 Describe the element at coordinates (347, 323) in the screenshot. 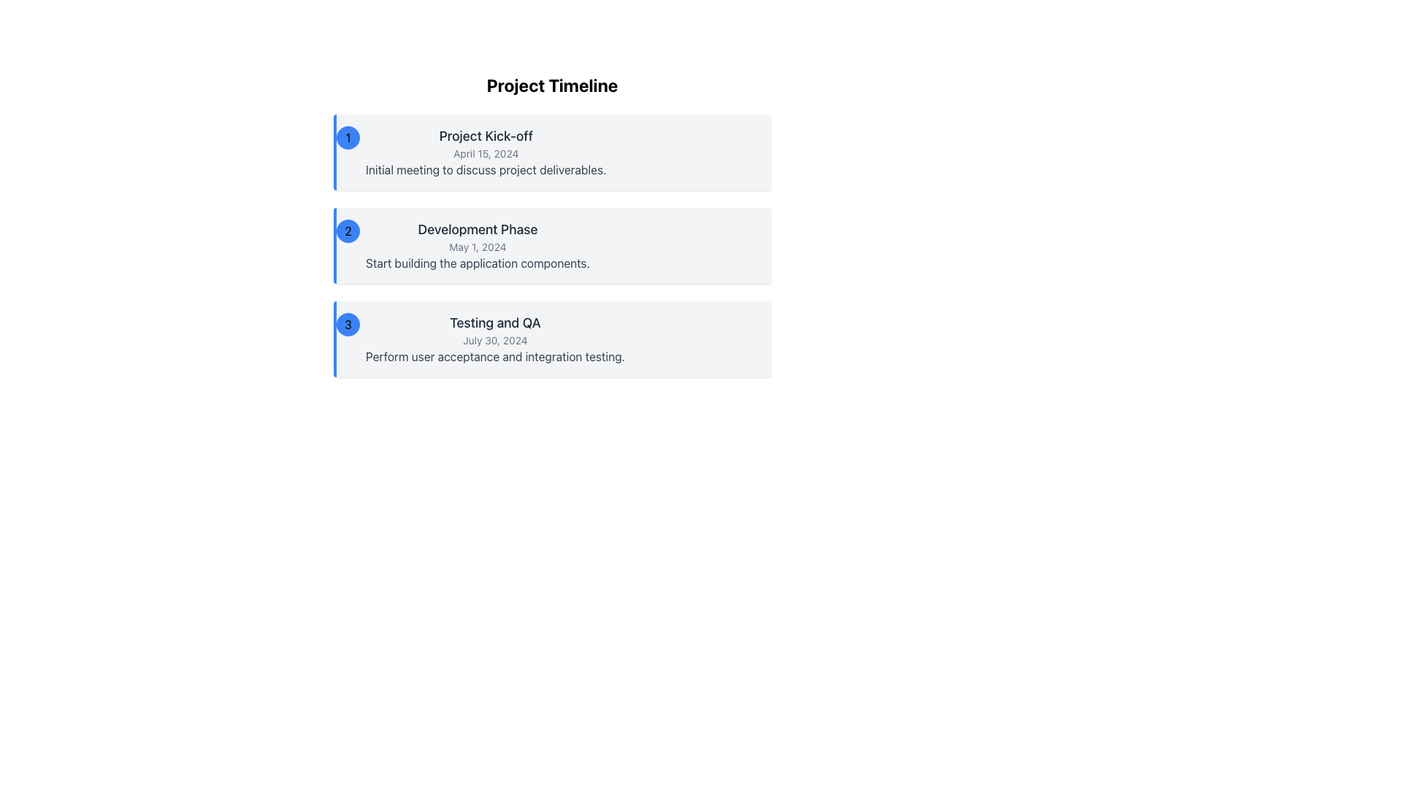

I see `the blue circular badge displaying the number '3' in bold black font, which is the leftmost component of the third card in a vertical sequence` at that location.